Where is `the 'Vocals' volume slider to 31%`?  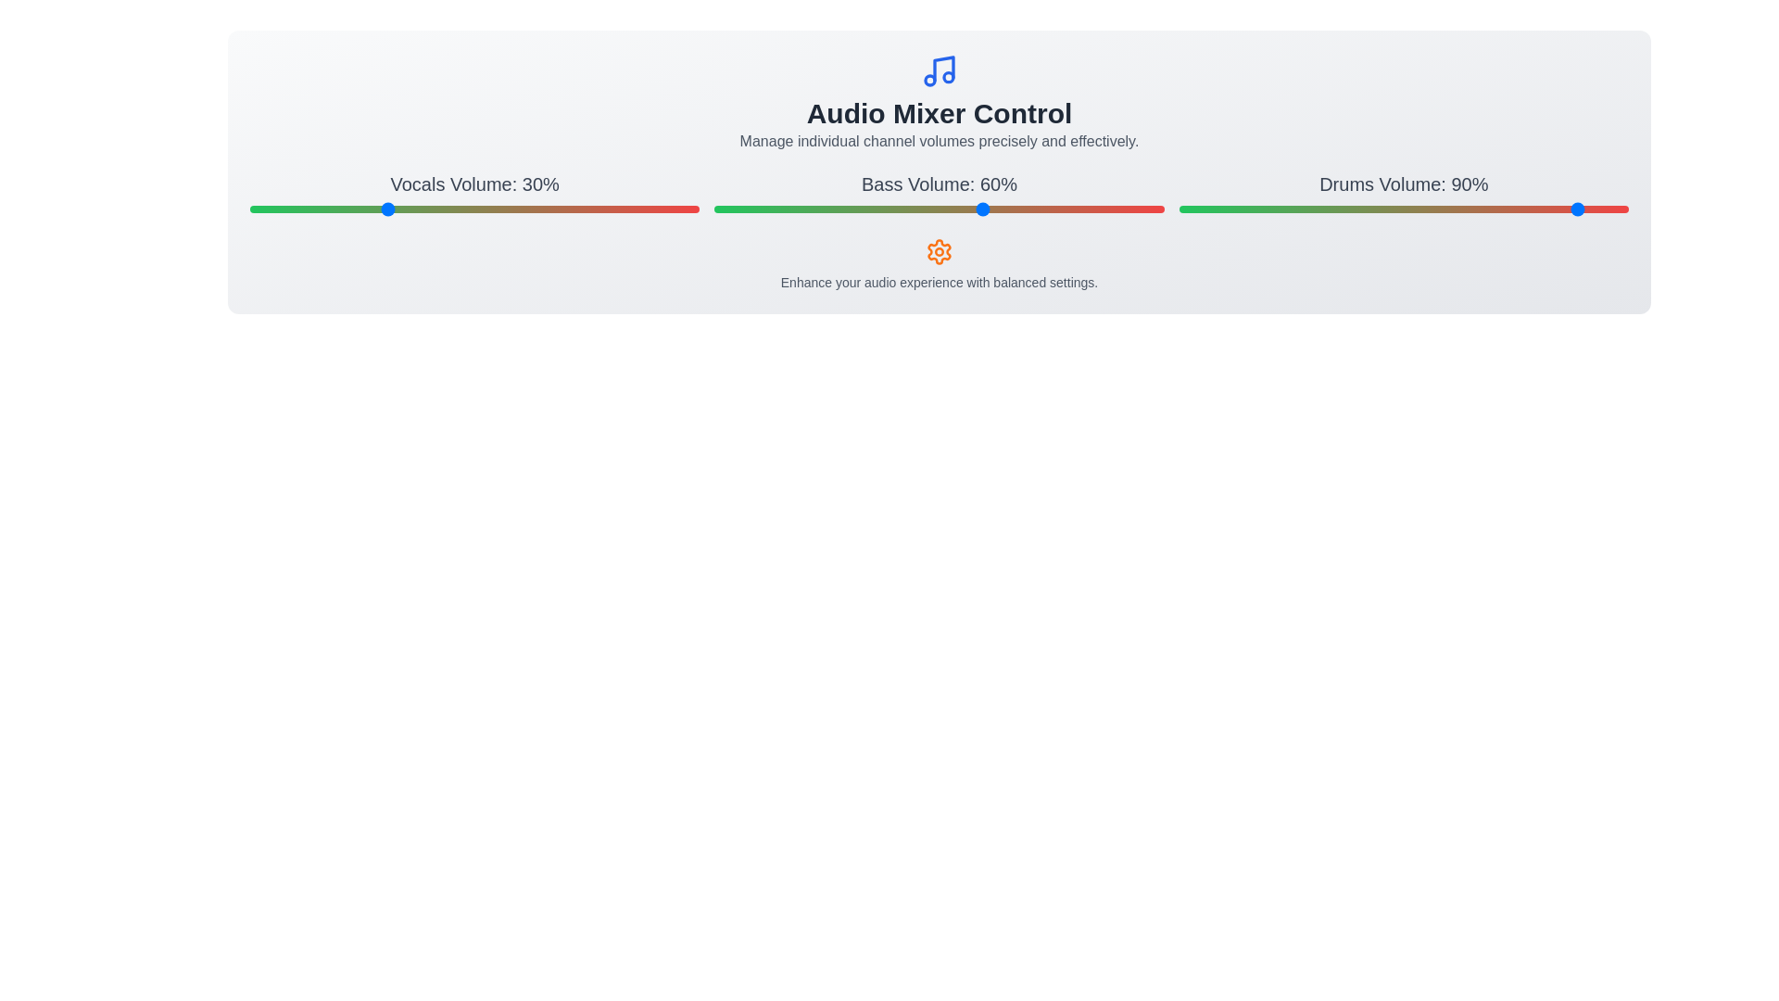 the 'Vocals' volume slider to 31% is located at coordinates (388, 209).